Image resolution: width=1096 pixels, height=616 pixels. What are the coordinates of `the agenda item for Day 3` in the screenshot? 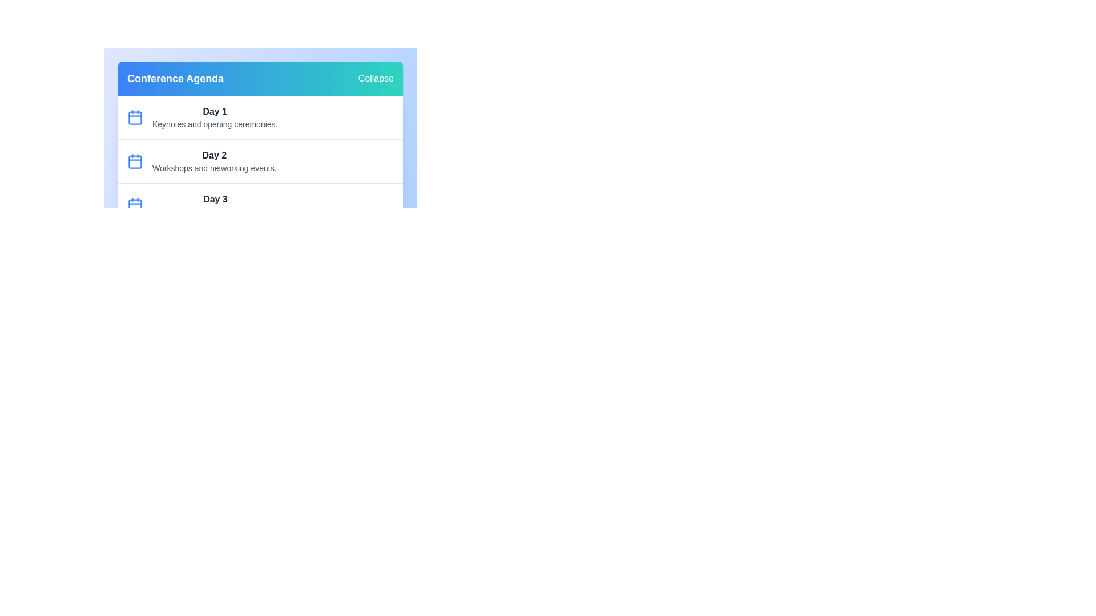 It's located at (260, 204).